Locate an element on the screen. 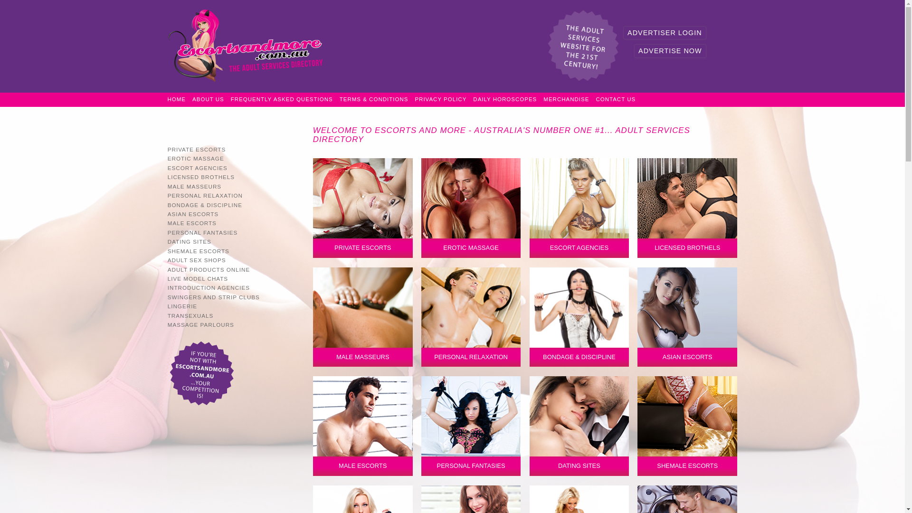 This screenshot has height=513, width=912. 'BONDAGE & DISCIPLINE' is located at coordinates (579, 317).